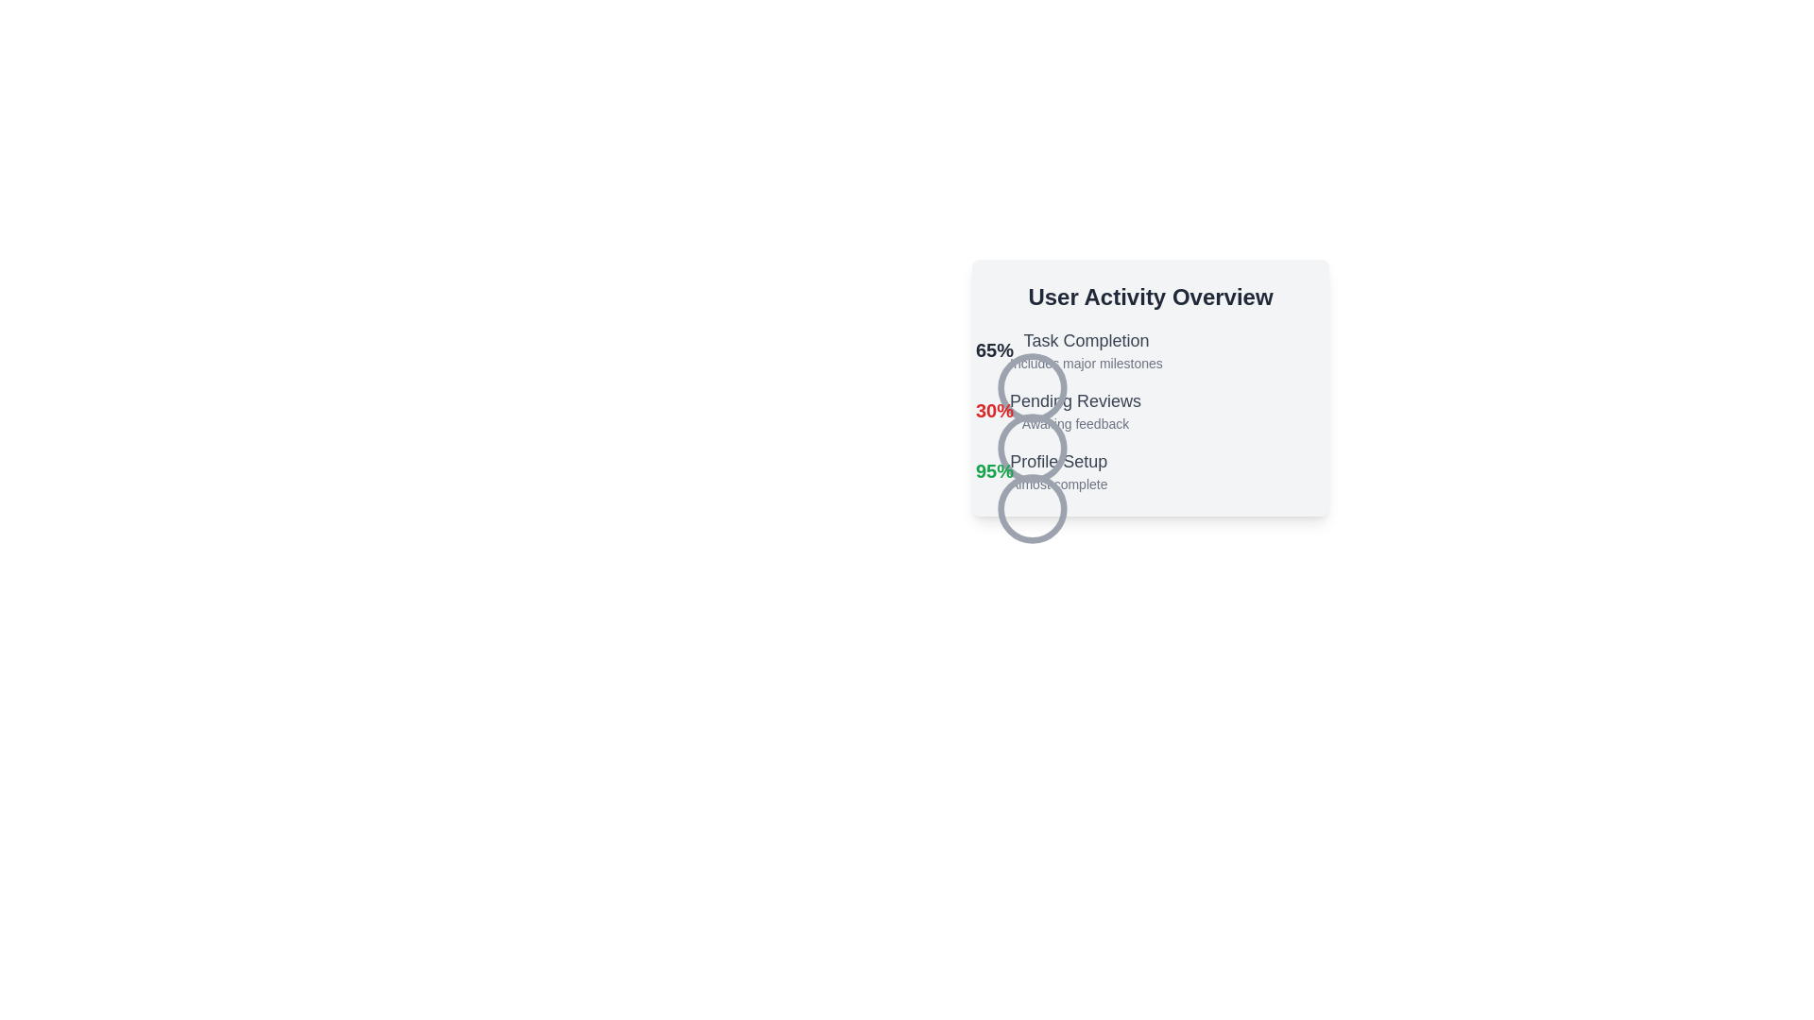 This screenshot has width=1814, height=1020. I want to click on the heading text labeled 'Task Completion', which is prominently displayed with a bold and large font size in light gray color, positioned above the description text 'Includes major milestones' in the 'User Activity Overview' section, so click(1086, 341).